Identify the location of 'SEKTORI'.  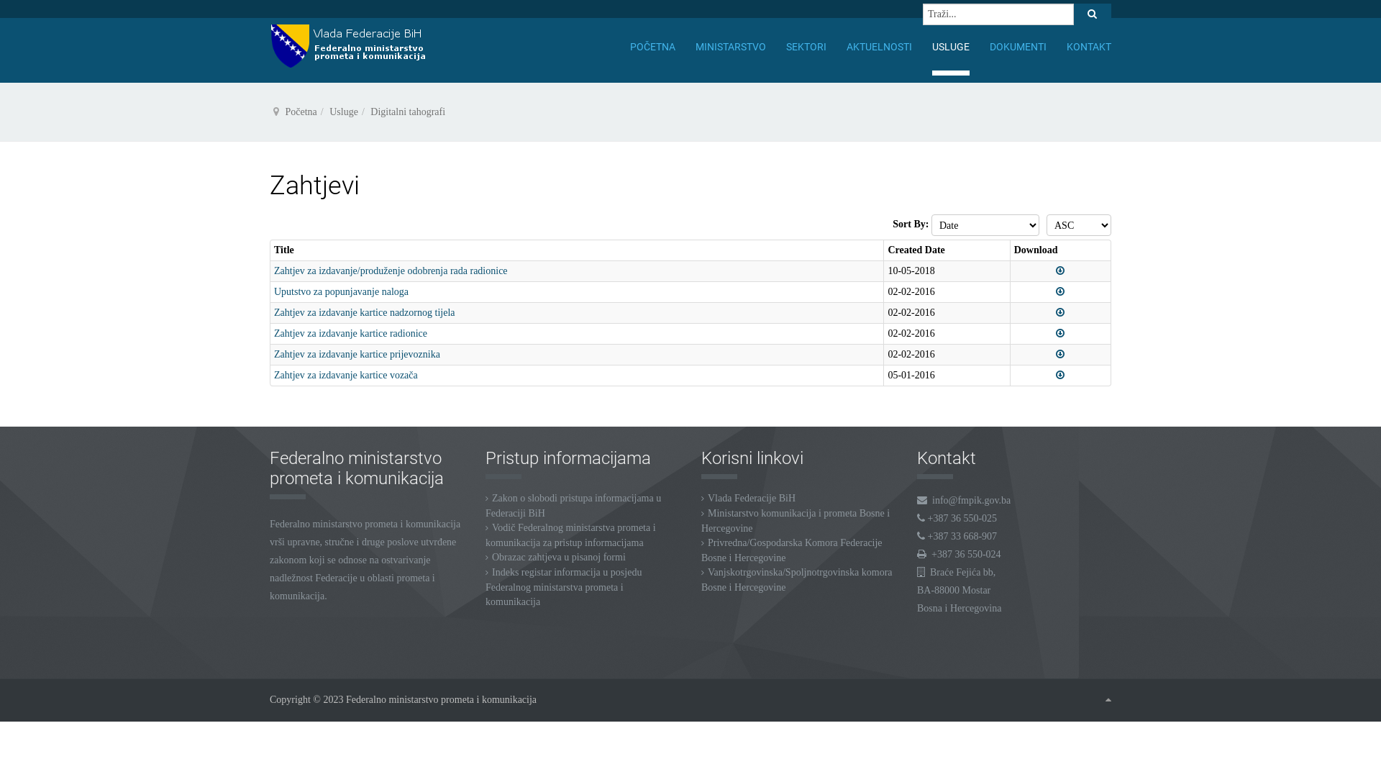
(806, 46).